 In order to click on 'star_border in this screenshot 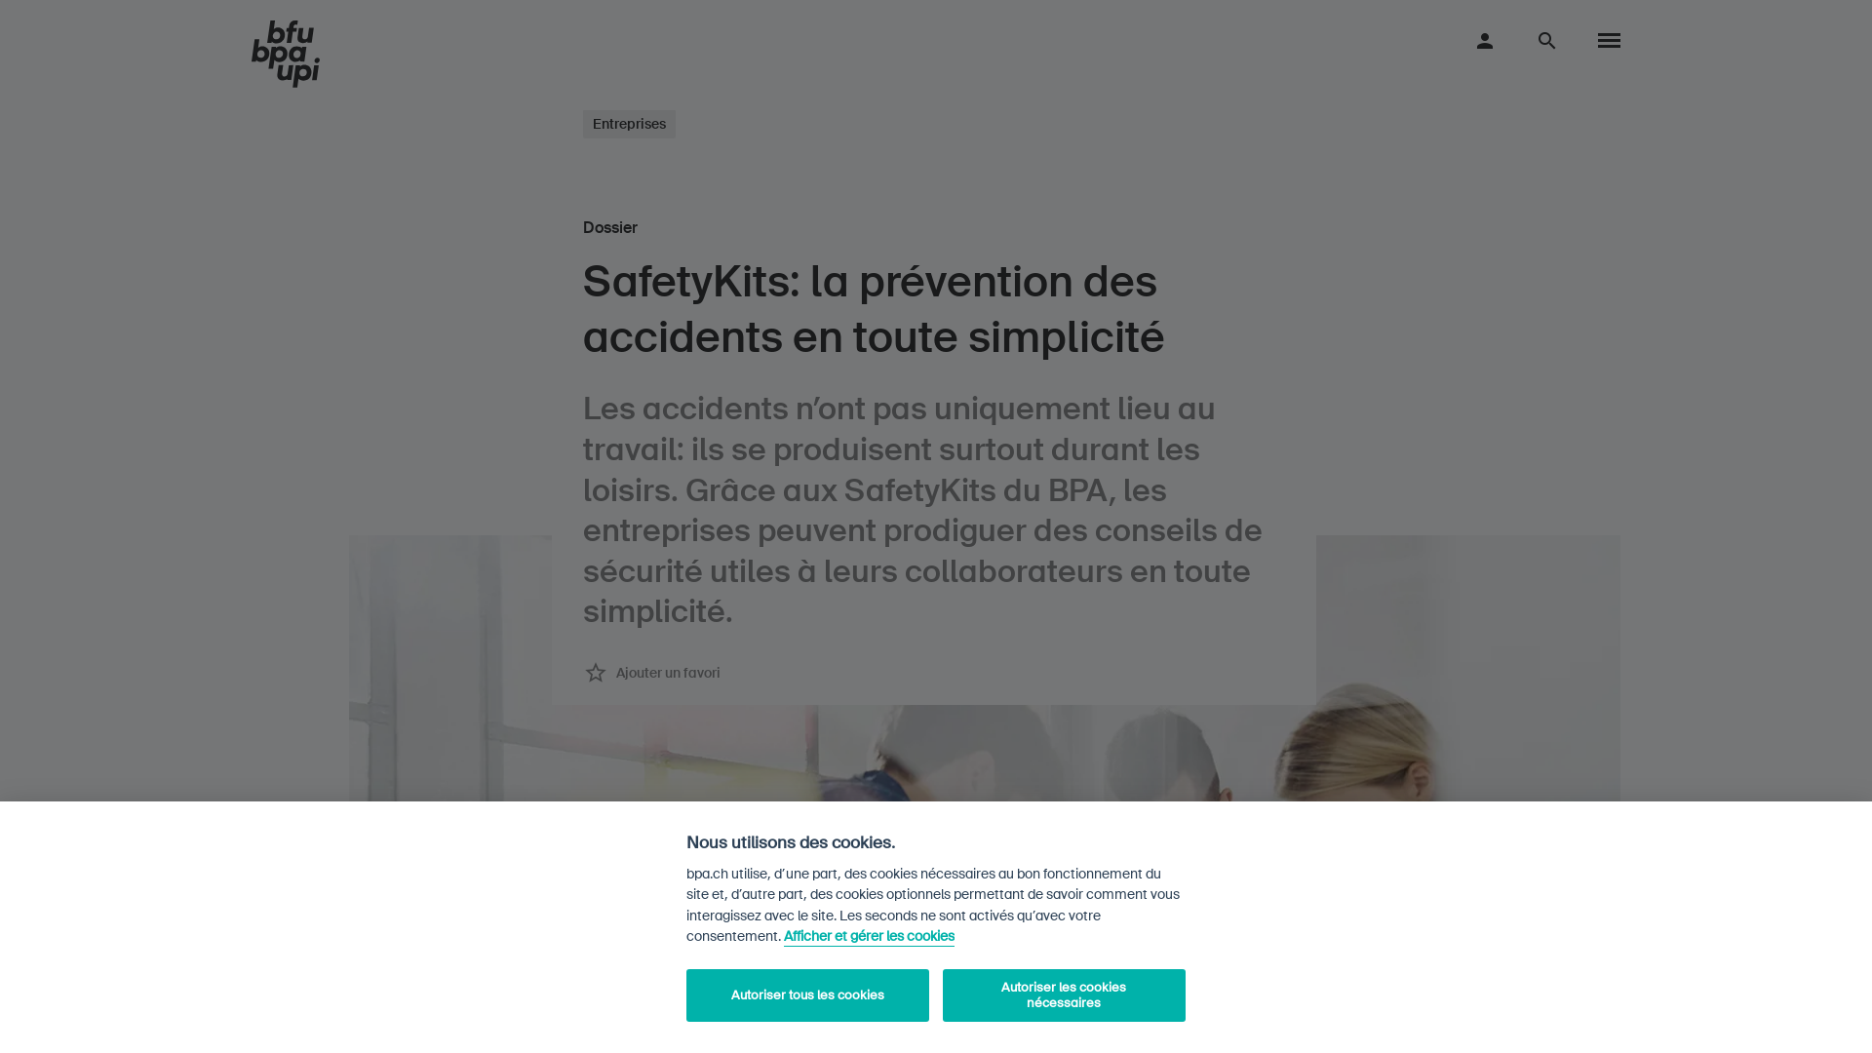, I will do `click(582, 672)`.